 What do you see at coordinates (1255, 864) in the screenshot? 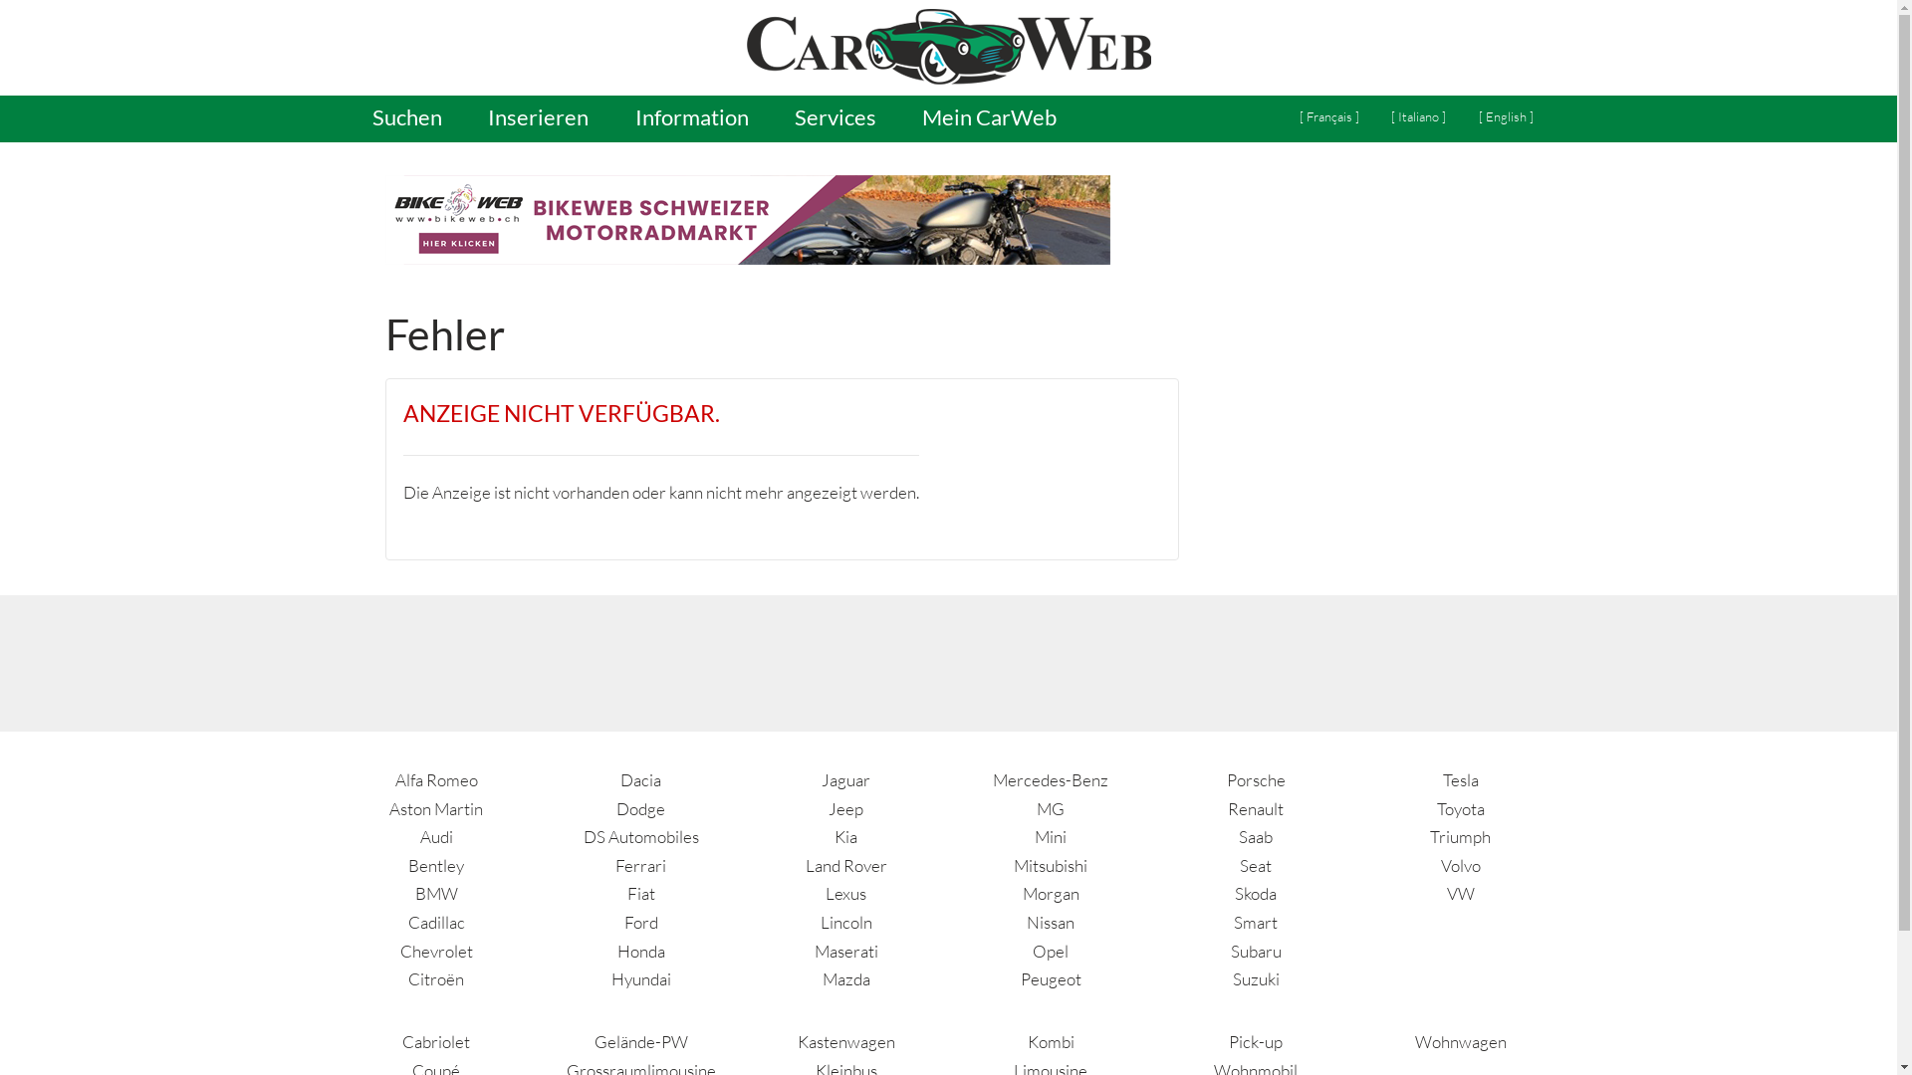
I see `'Seat'` at bounding box center [1255, 864].